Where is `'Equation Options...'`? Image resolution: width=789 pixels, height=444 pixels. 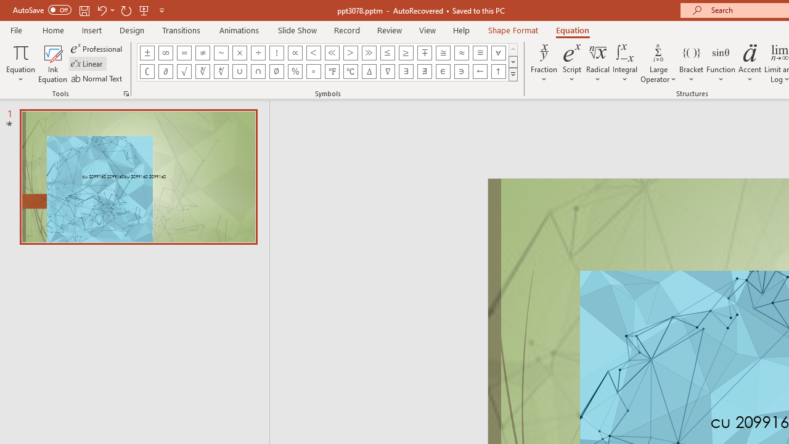 'Equation Options...' is located at coordinates (126, 92).